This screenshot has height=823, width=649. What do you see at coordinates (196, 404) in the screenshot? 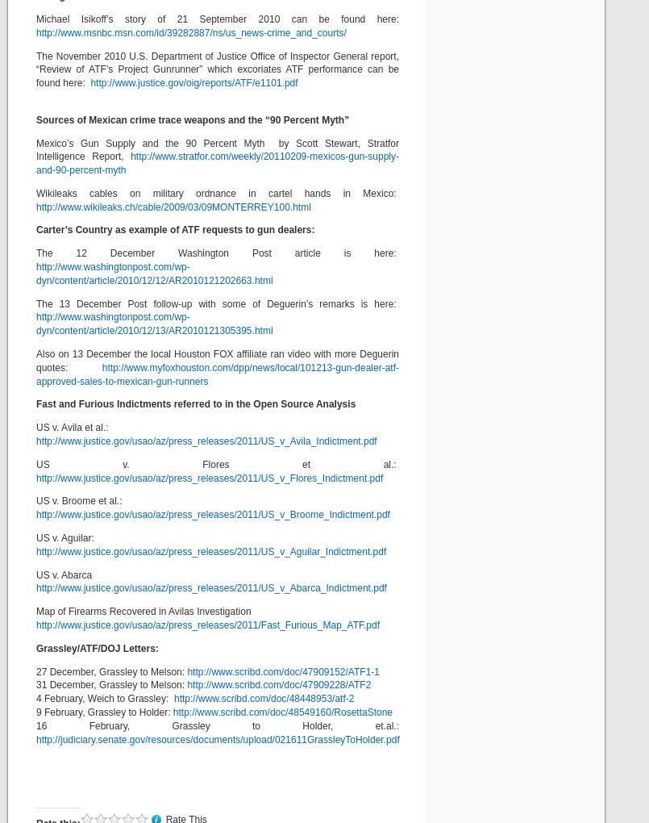
I see `'Fast and Furious Indictments referred to in the Open  Source Analysis'` at bounding box center [196, 404].